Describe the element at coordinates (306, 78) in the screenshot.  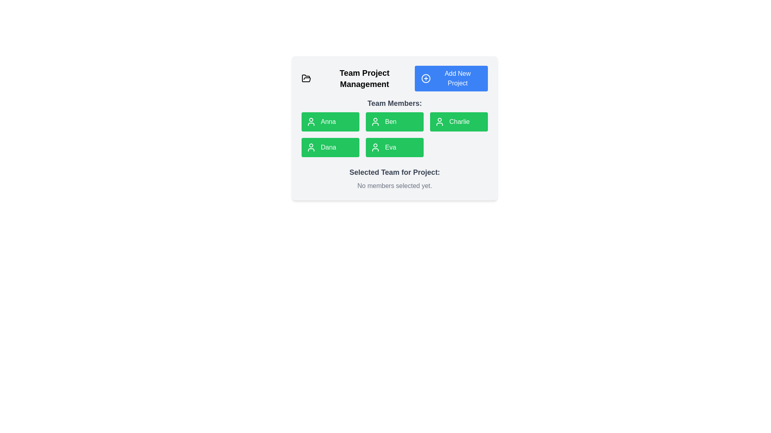
I see `the small graphic icon resembling an open folder located in the upper-left corner of the 'Team Project Management' section` at that location.